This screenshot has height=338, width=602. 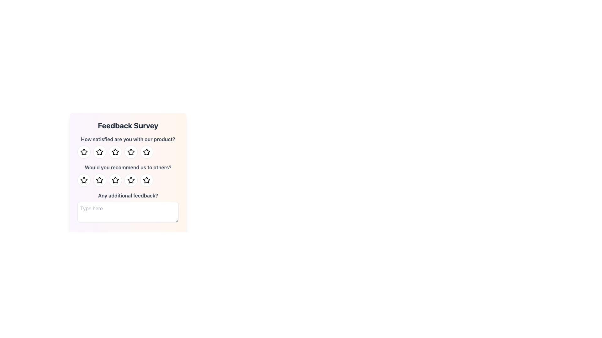 What do you see at coordinates (99, 152) in the screenshot?
I see `the second rating button located below the question 'How satisfied are you with our product?'` at bounding box center [99, 152].